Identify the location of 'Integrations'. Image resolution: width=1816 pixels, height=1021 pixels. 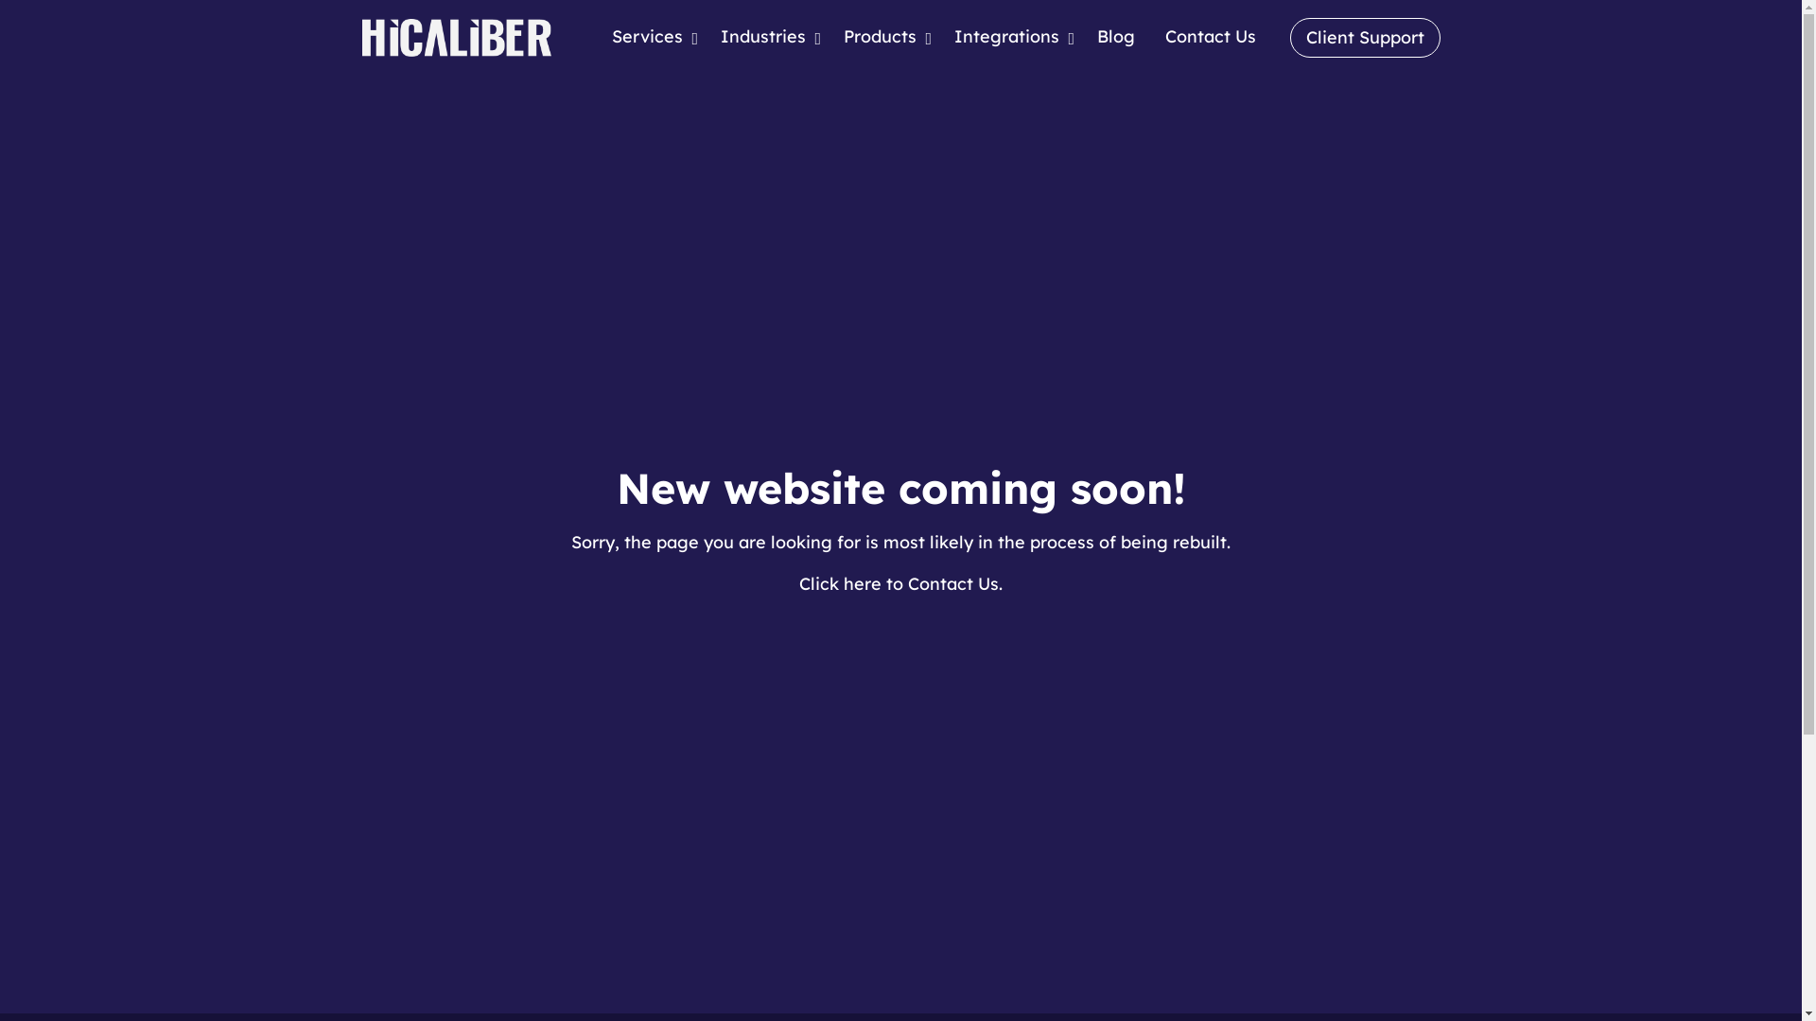
(1008, 36).